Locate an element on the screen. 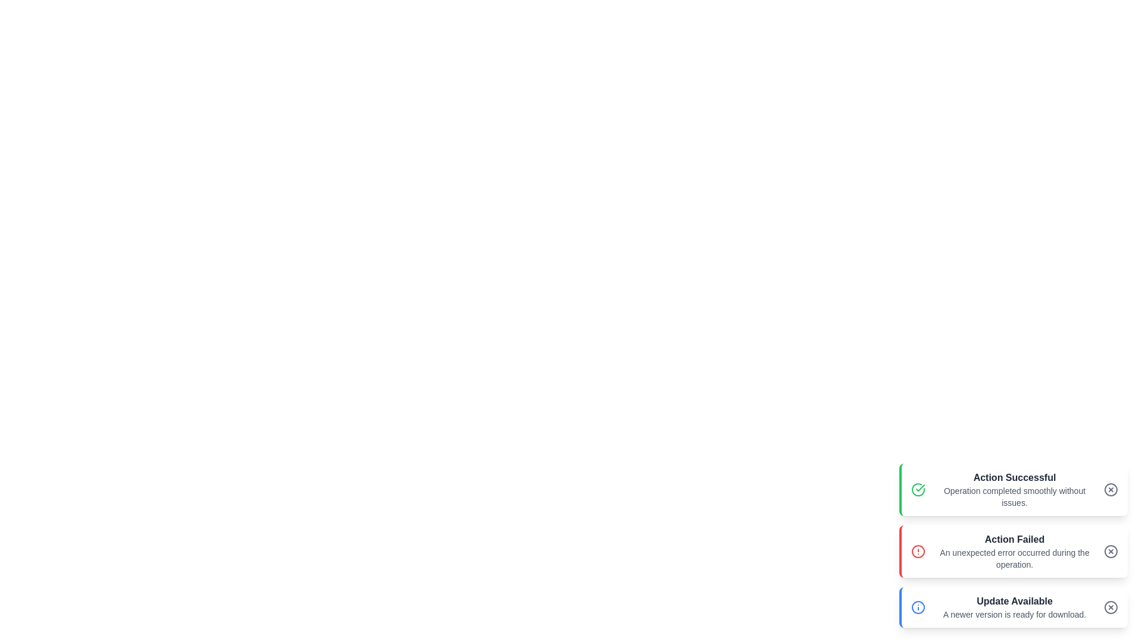 This screenshot has height=642, width=1142. the notification icon to interact is located at coordinates (918, 490).